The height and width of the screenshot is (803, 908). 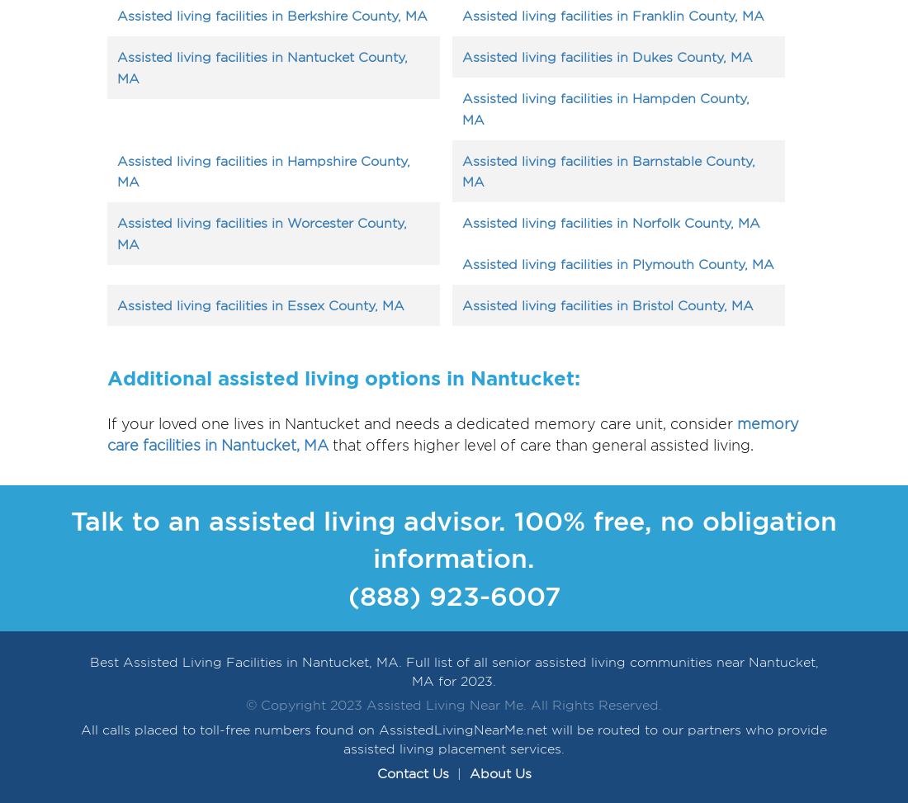 What do you see at coordinates (422, 423) in the screenshot?
I see `'If your loved one lives in Nantucket and needs a dedicated memory care unit, consider'` at bounding box center [422, 423].